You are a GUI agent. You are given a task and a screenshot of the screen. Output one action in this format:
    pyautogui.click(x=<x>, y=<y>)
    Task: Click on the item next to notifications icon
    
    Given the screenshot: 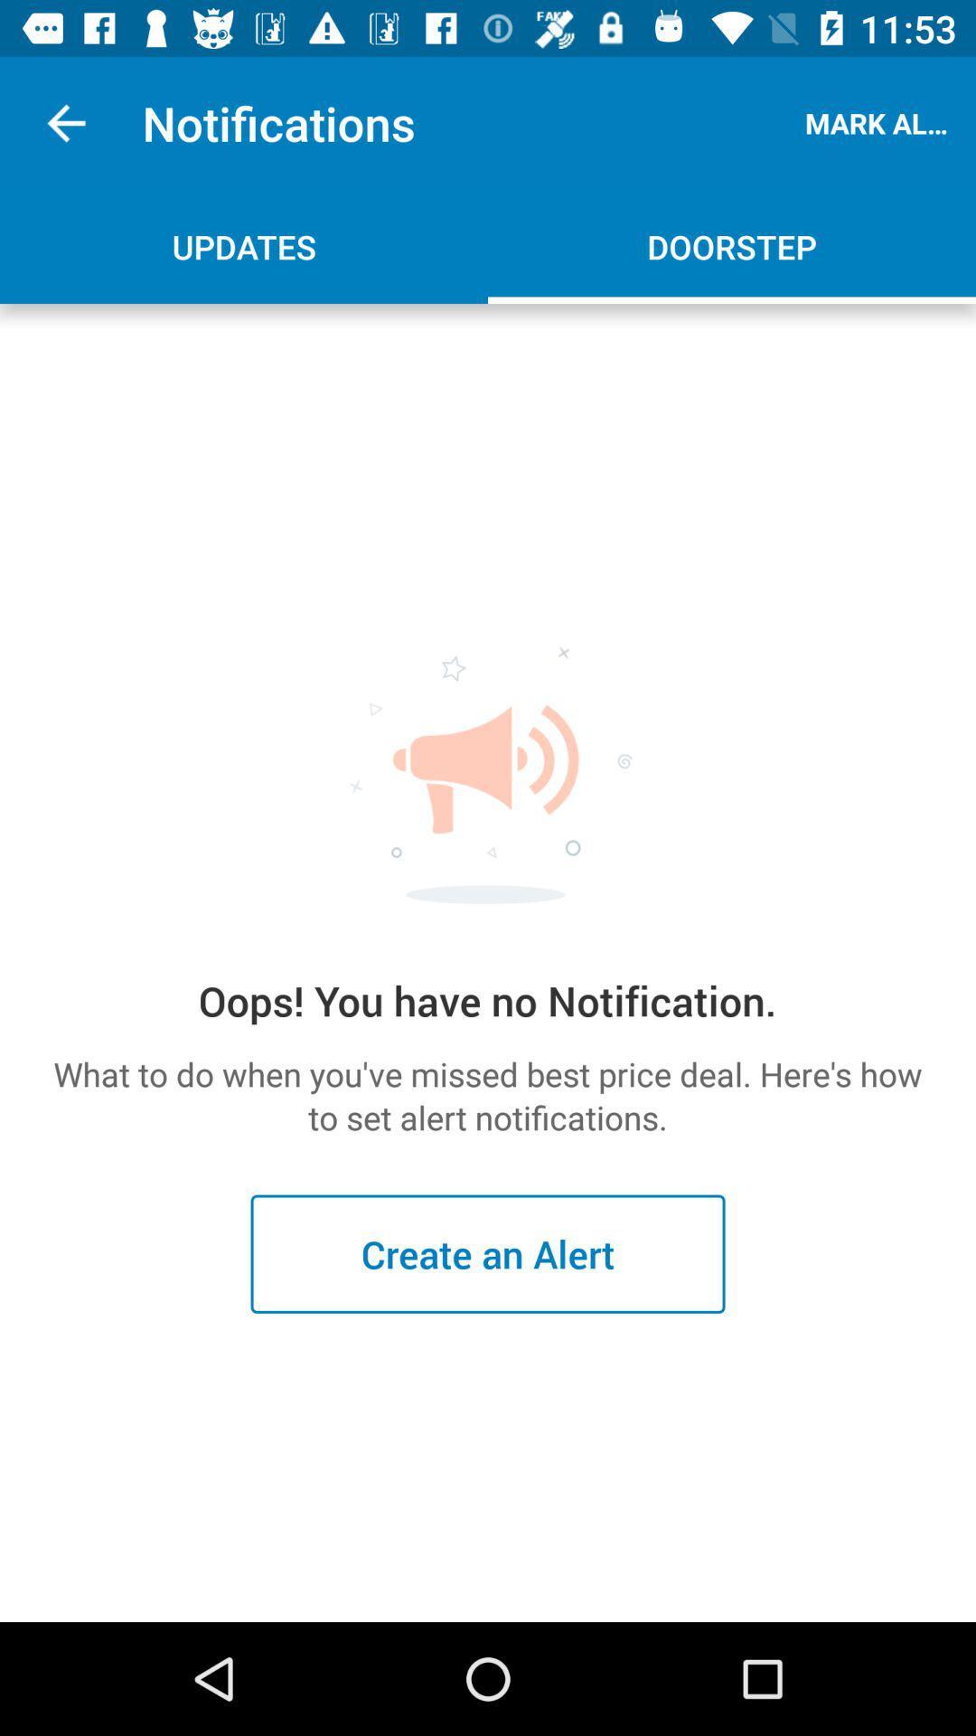 What is the action you would take?
    pyautogui.click(x=65, y=122)
    